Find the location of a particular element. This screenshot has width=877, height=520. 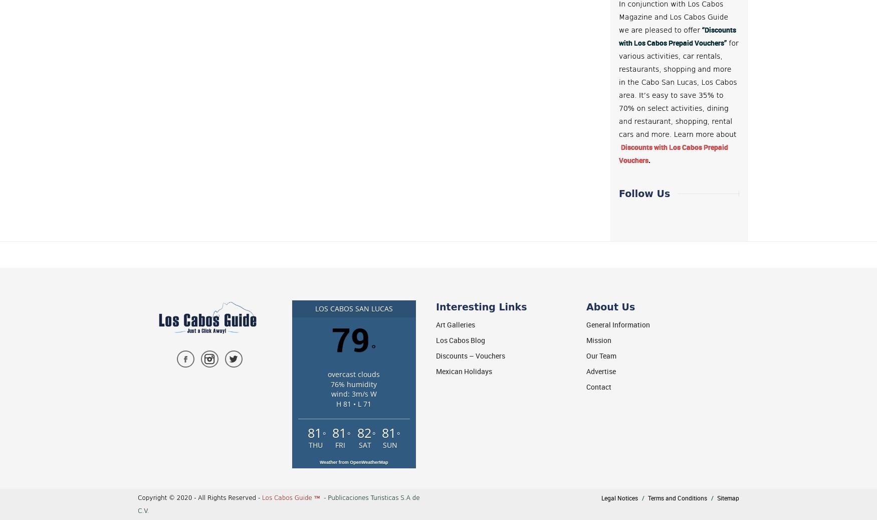

'Contact' is located at coordinates (599, 387).